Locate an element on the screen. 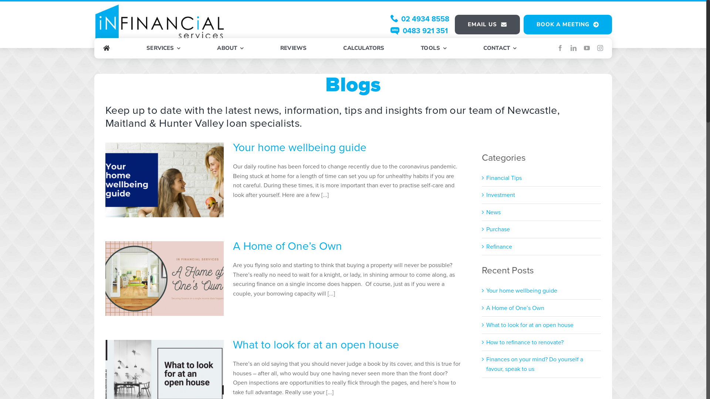 This screenshot has width=710, height=399. 'Your home wellbeing guide' is located at coordinates (300, 147).